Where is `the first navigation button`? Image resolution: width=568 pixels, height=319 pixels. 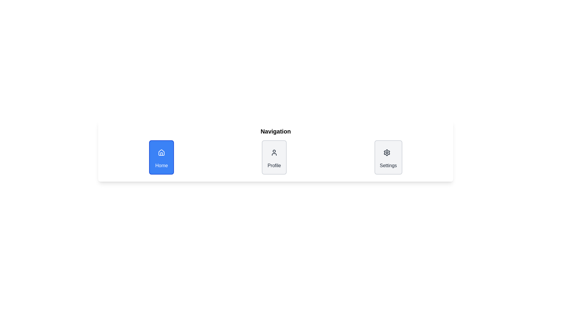
the first navigation button is located at coordinates (162, 157).